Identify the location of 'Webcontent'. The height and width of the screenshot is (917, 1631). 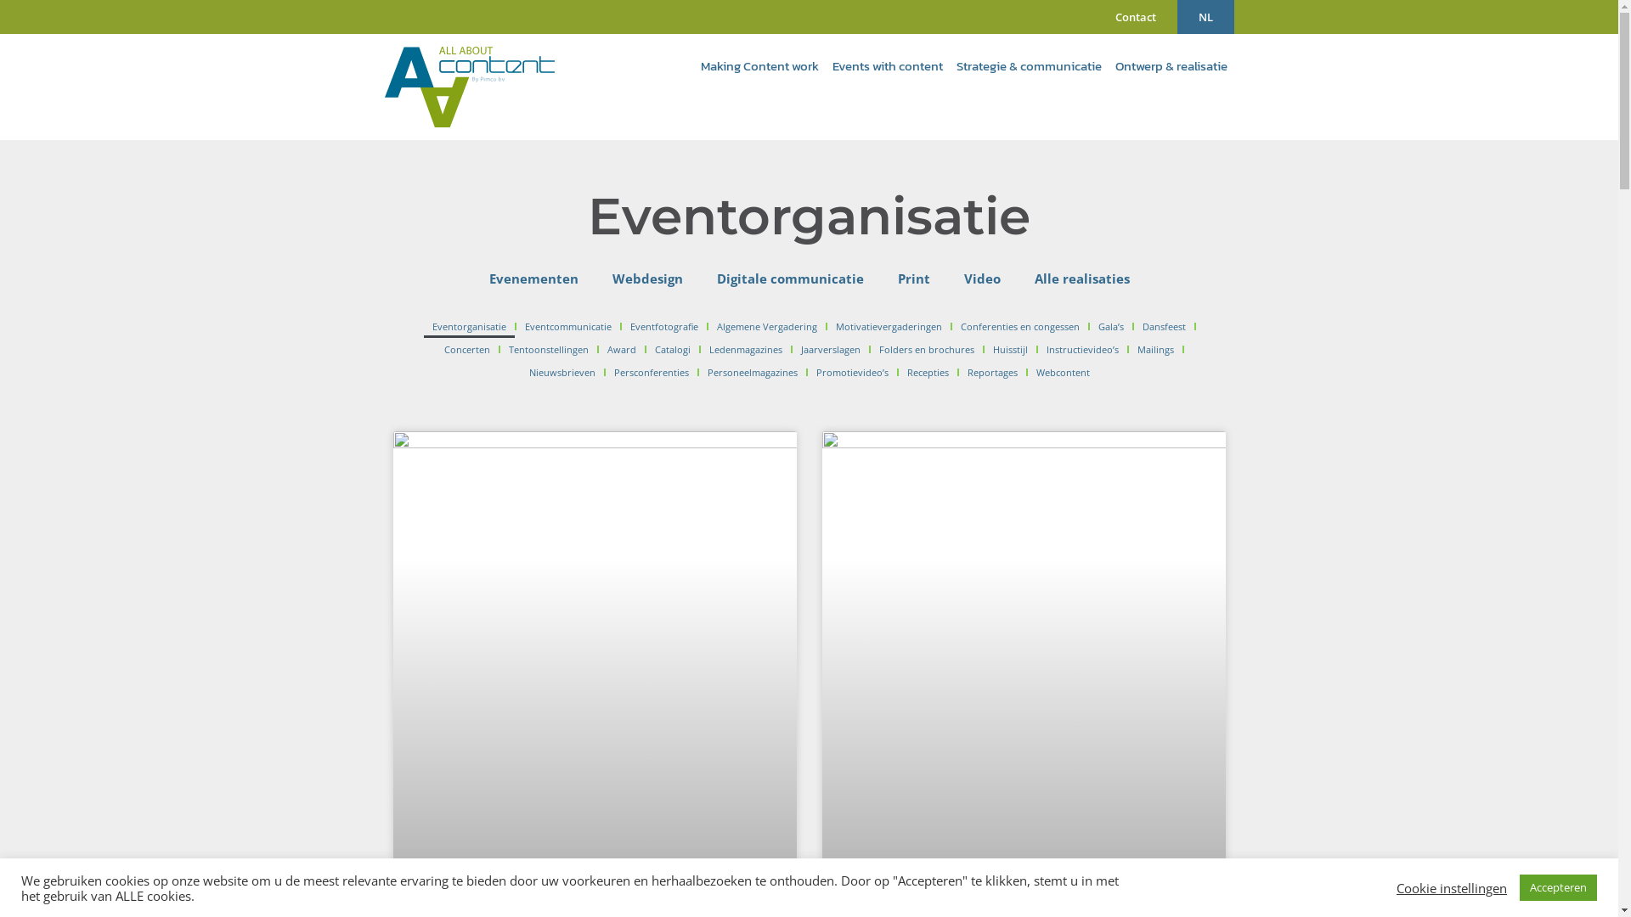
(1026, 372).